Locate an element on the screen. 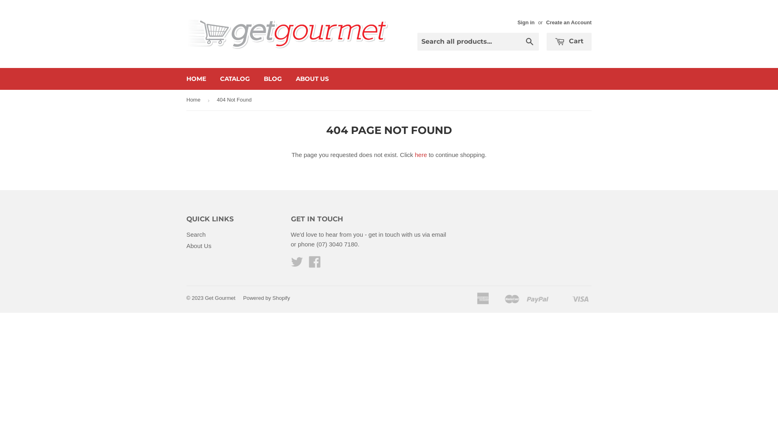  'Facebook' is located at coordinates (314, 264).